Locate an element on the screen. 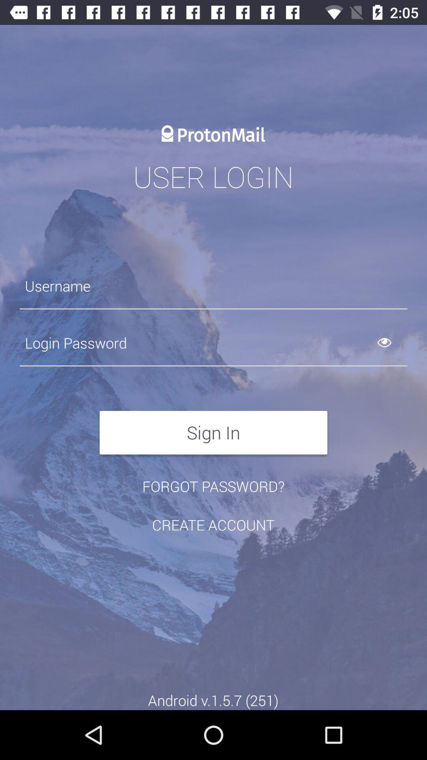  login password field is located at coordinates (213, 343).